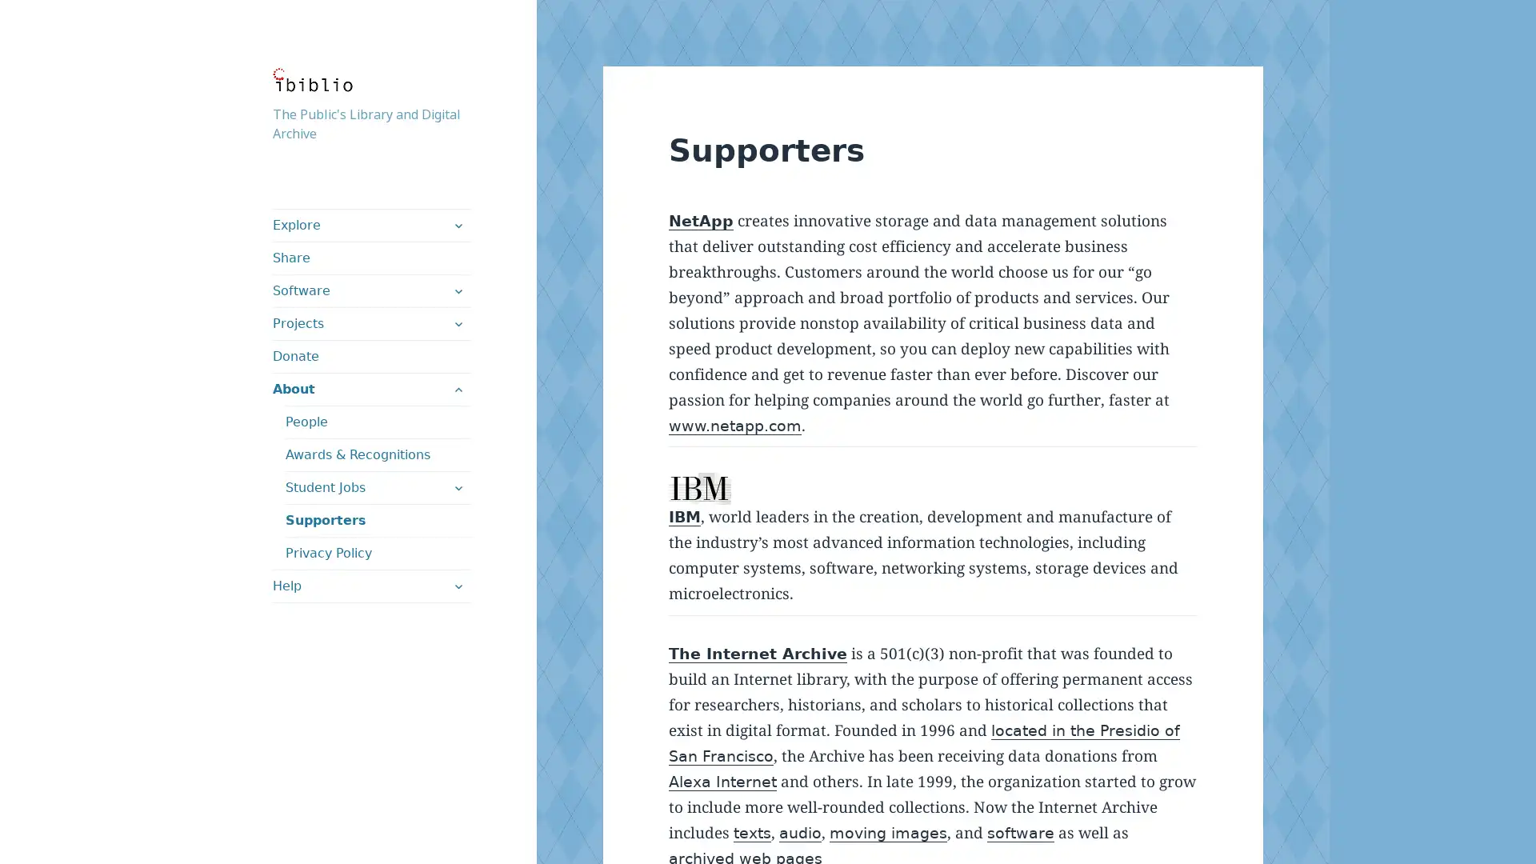  I want to click on expand child menu, so click(456, 290).